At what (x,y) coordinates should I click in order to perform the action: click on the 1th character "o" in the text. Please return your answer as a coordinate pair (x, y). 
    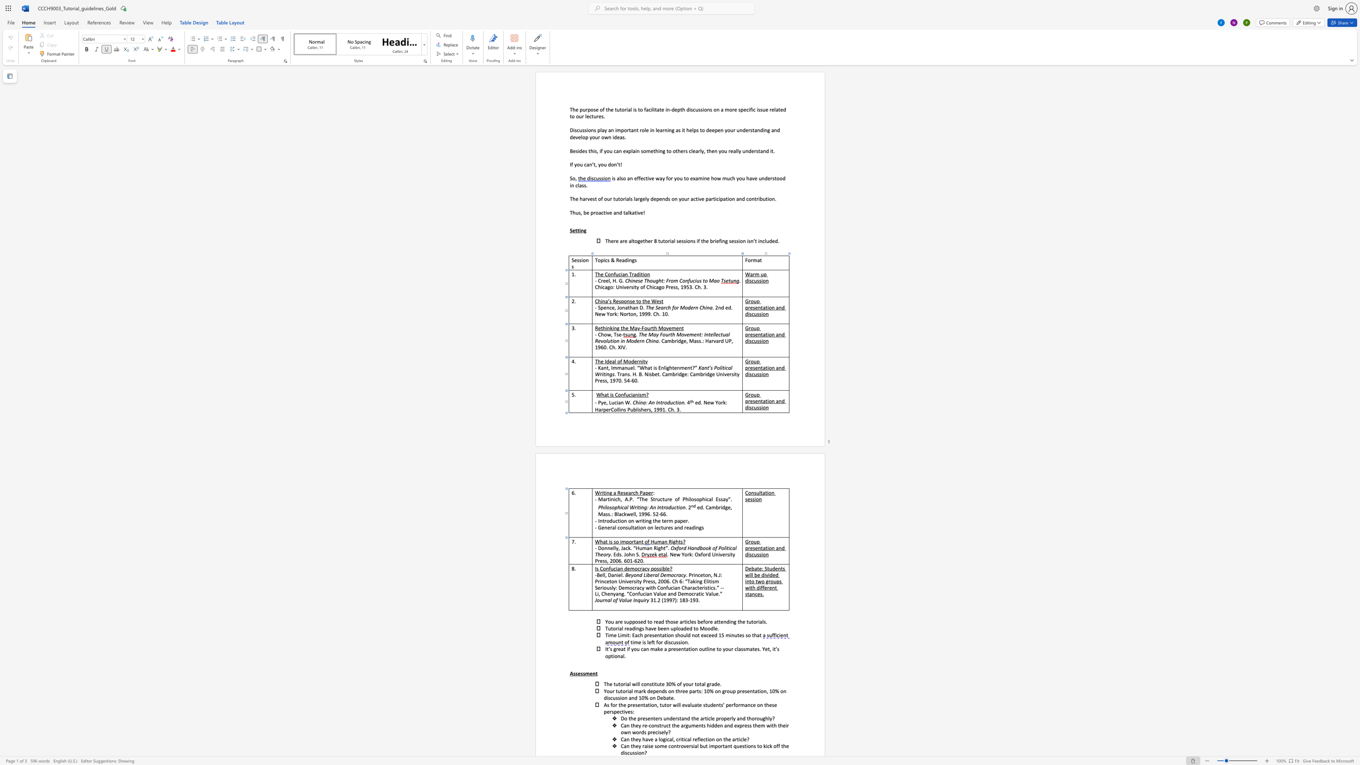
    Looking at the image, I should click on (602, 548).